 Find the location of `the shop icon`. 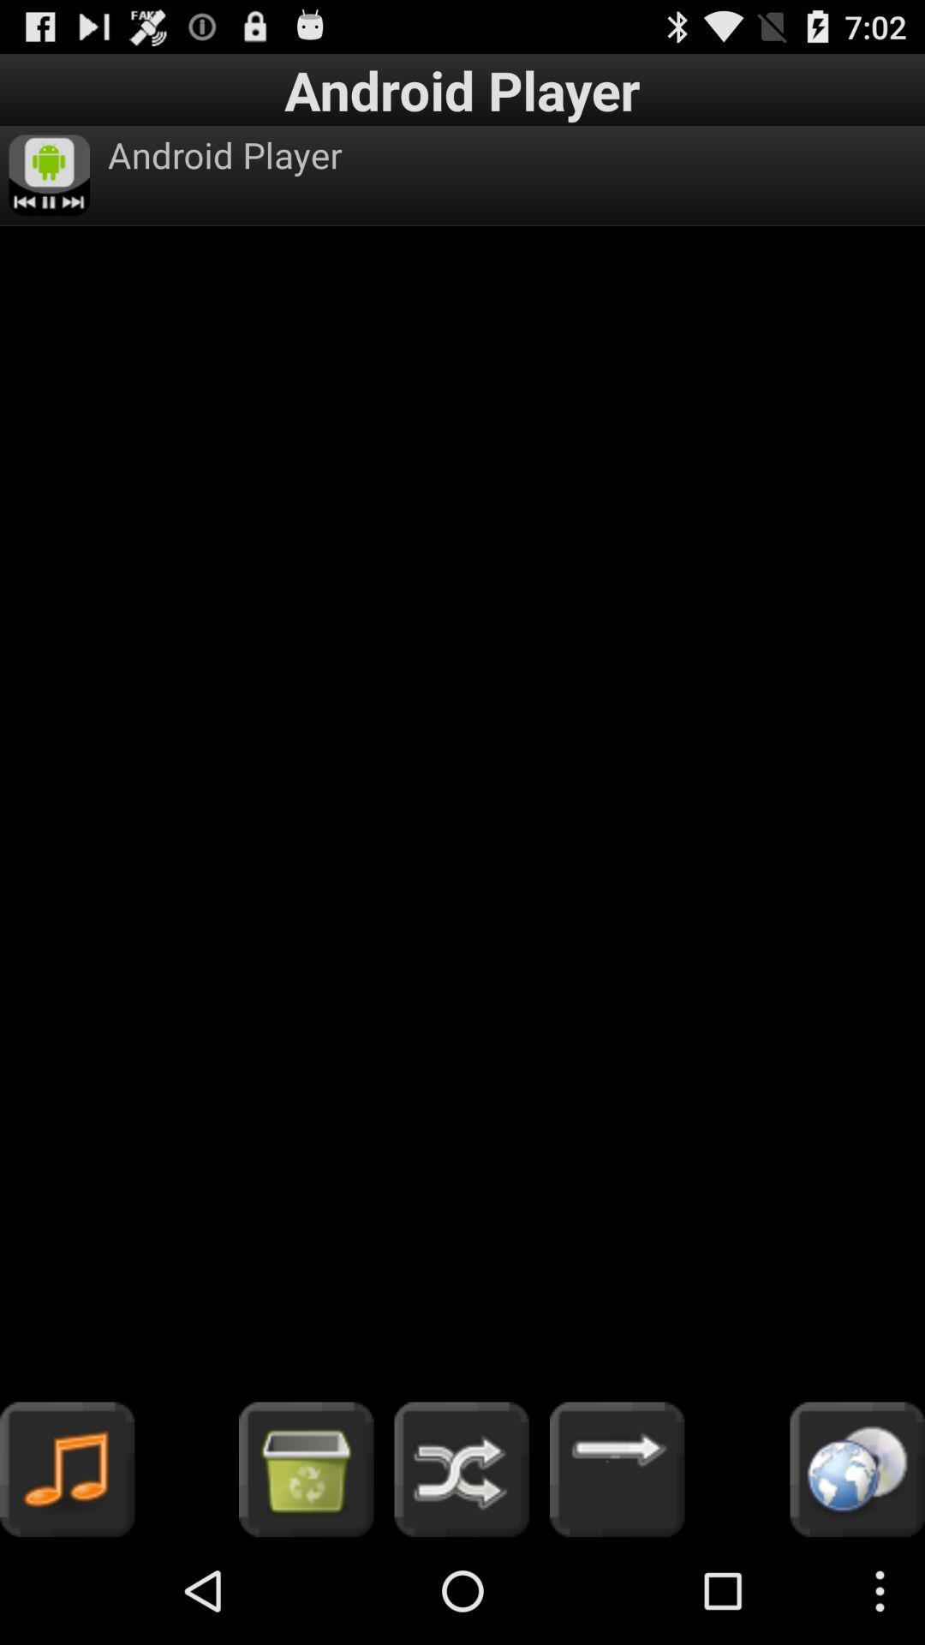

the shop icon is located at coordinates (305, 1572).